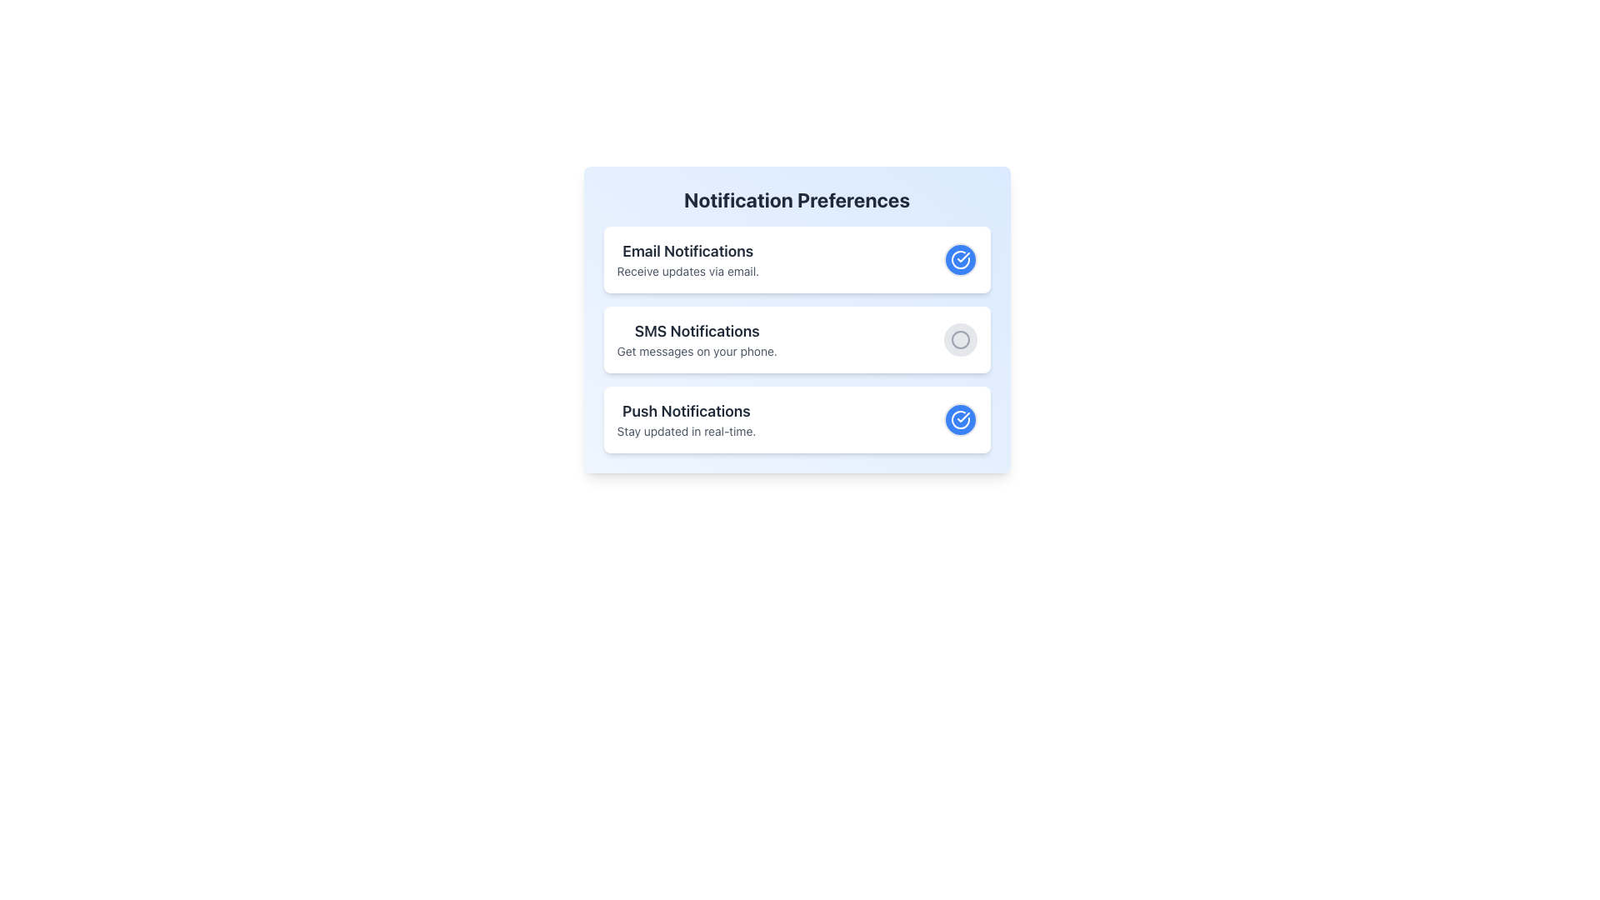 The image size is (1600, 900). Describe the element at coordinates (960, 339) in the screenshot. I see `the SMS Notifications icon, which indicates the status or action related to SMS notifications settings, located in the middle of the list` at that location.